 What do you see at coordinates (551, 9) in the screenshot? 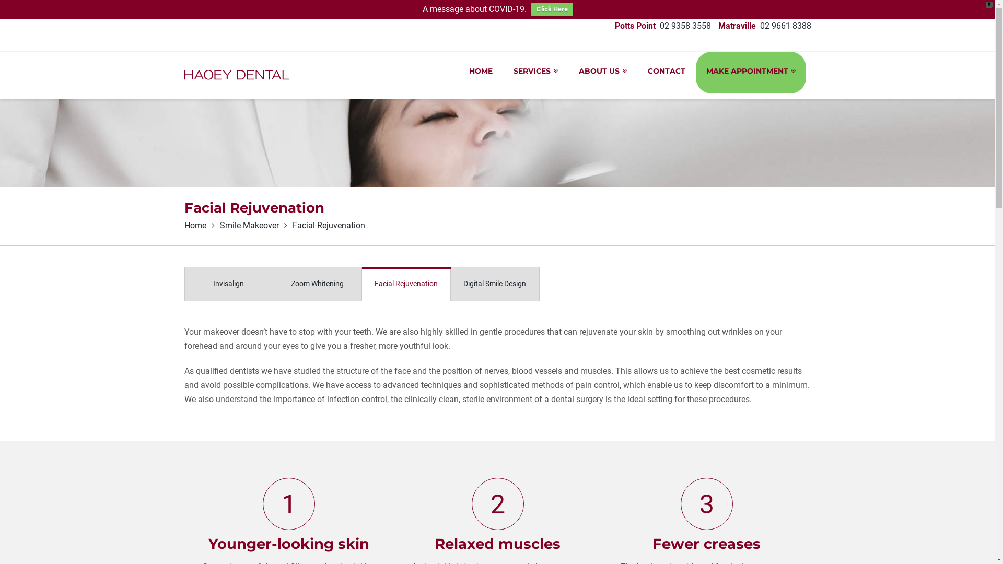
I see `'Click Here'` at bounding box center [551, 9].